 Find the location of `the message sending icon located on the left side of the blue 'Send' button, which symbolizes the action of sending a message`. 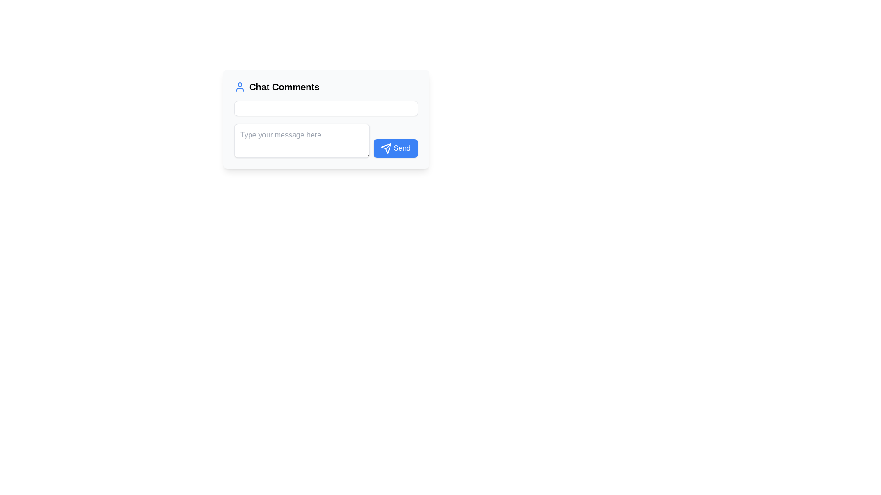

the message sending icon located on the left side of the blue 'Send' button, which symbolizes the action of sending a message is located at coordinates (386, 148).